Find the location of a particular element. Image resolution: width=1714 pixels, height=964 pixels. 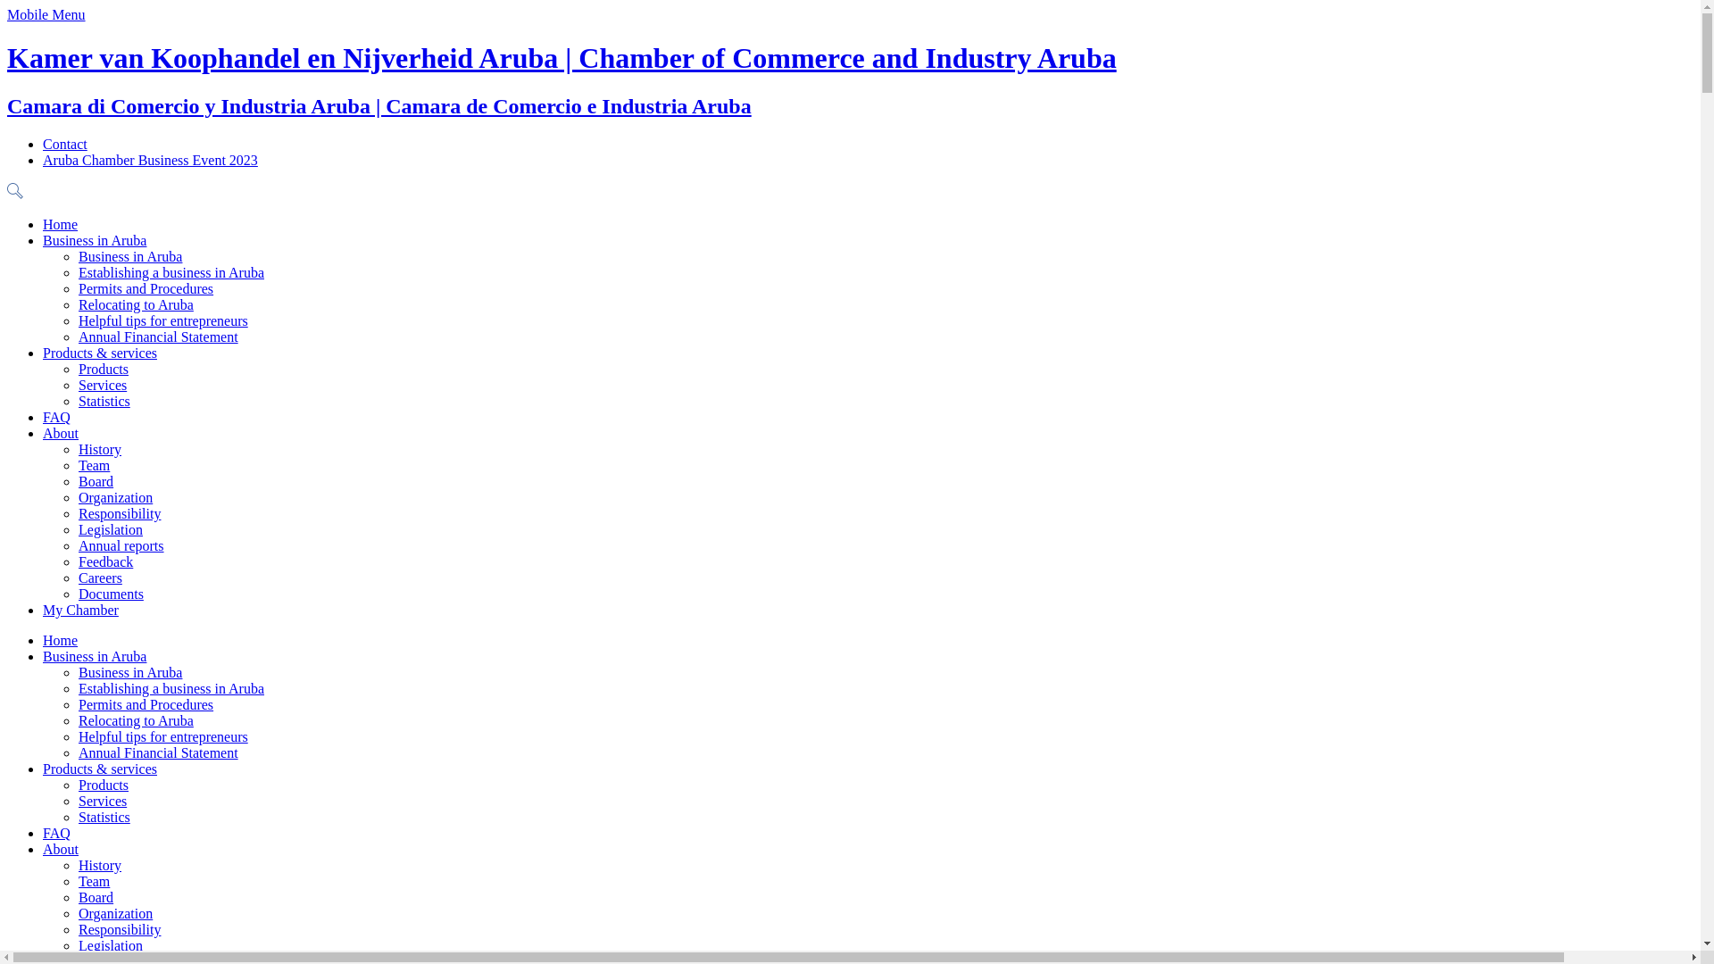

'Board' is located at coordinates (95, 480).